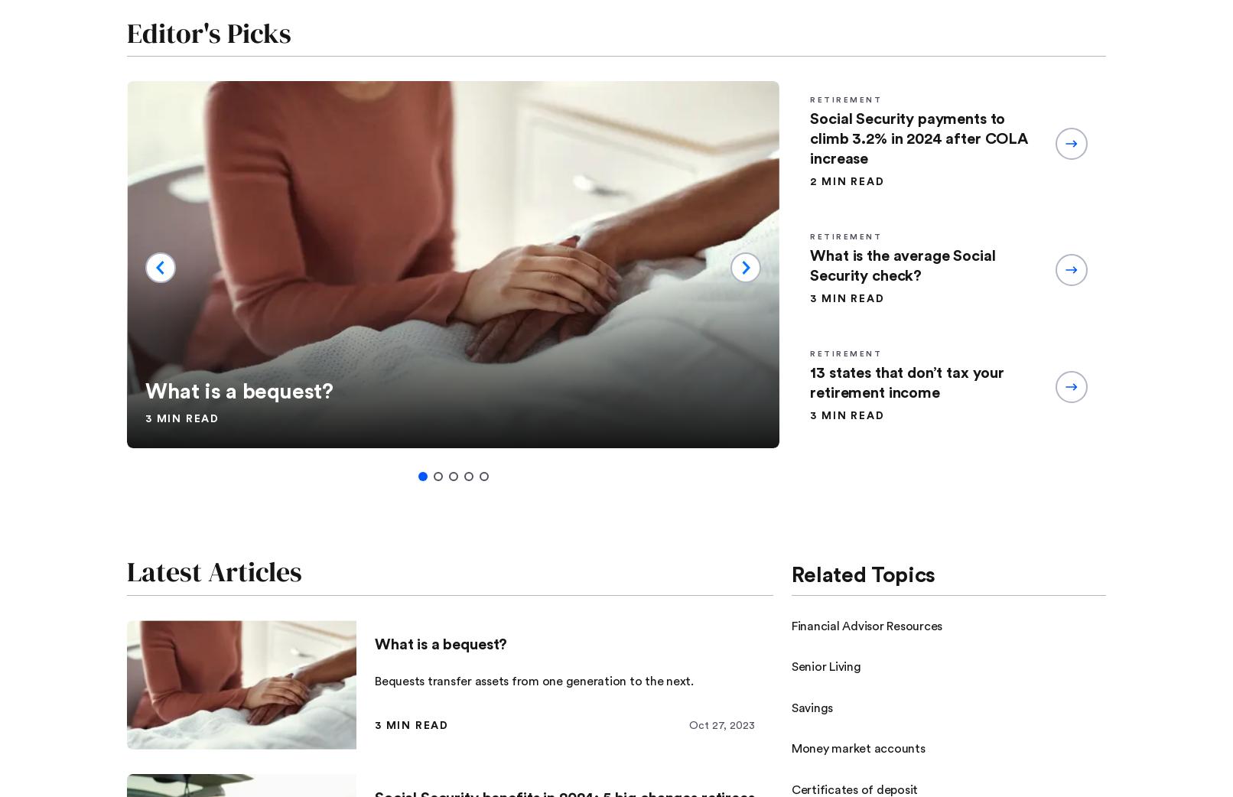 The width and height of the screenshot is (1233, 797). Describe the element at coordinates (901, 265) in the screenshot. I see `'What is the average Social Security check?'` at that location.